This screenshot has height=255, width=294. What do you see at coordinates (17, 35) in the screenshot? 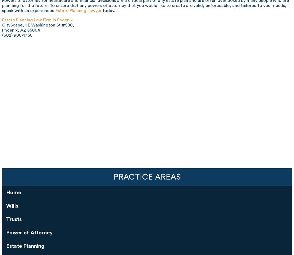
I see `'(602) 900-1750'` at bounding box center [17, 35].